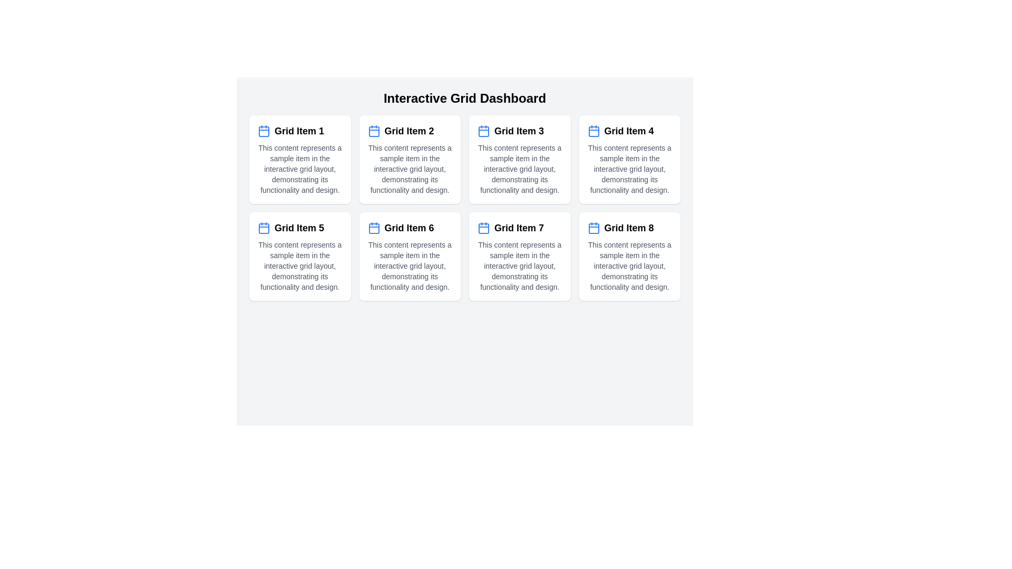  What do you see at coordinates (298, 131) in the screenshot?
I see `text 'Grid Item 1' which is displayed in bold within the first grid item at the top-left corner of its containing box` at bounding box center [298, 131].